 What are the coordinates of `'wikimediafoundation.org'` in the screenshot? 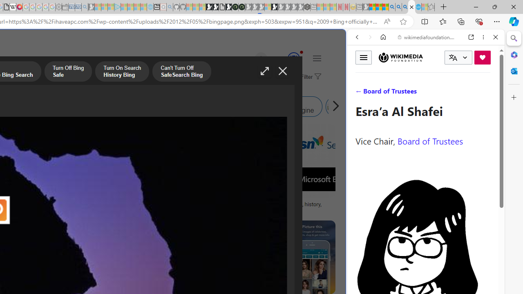 It's located at (427, 37).